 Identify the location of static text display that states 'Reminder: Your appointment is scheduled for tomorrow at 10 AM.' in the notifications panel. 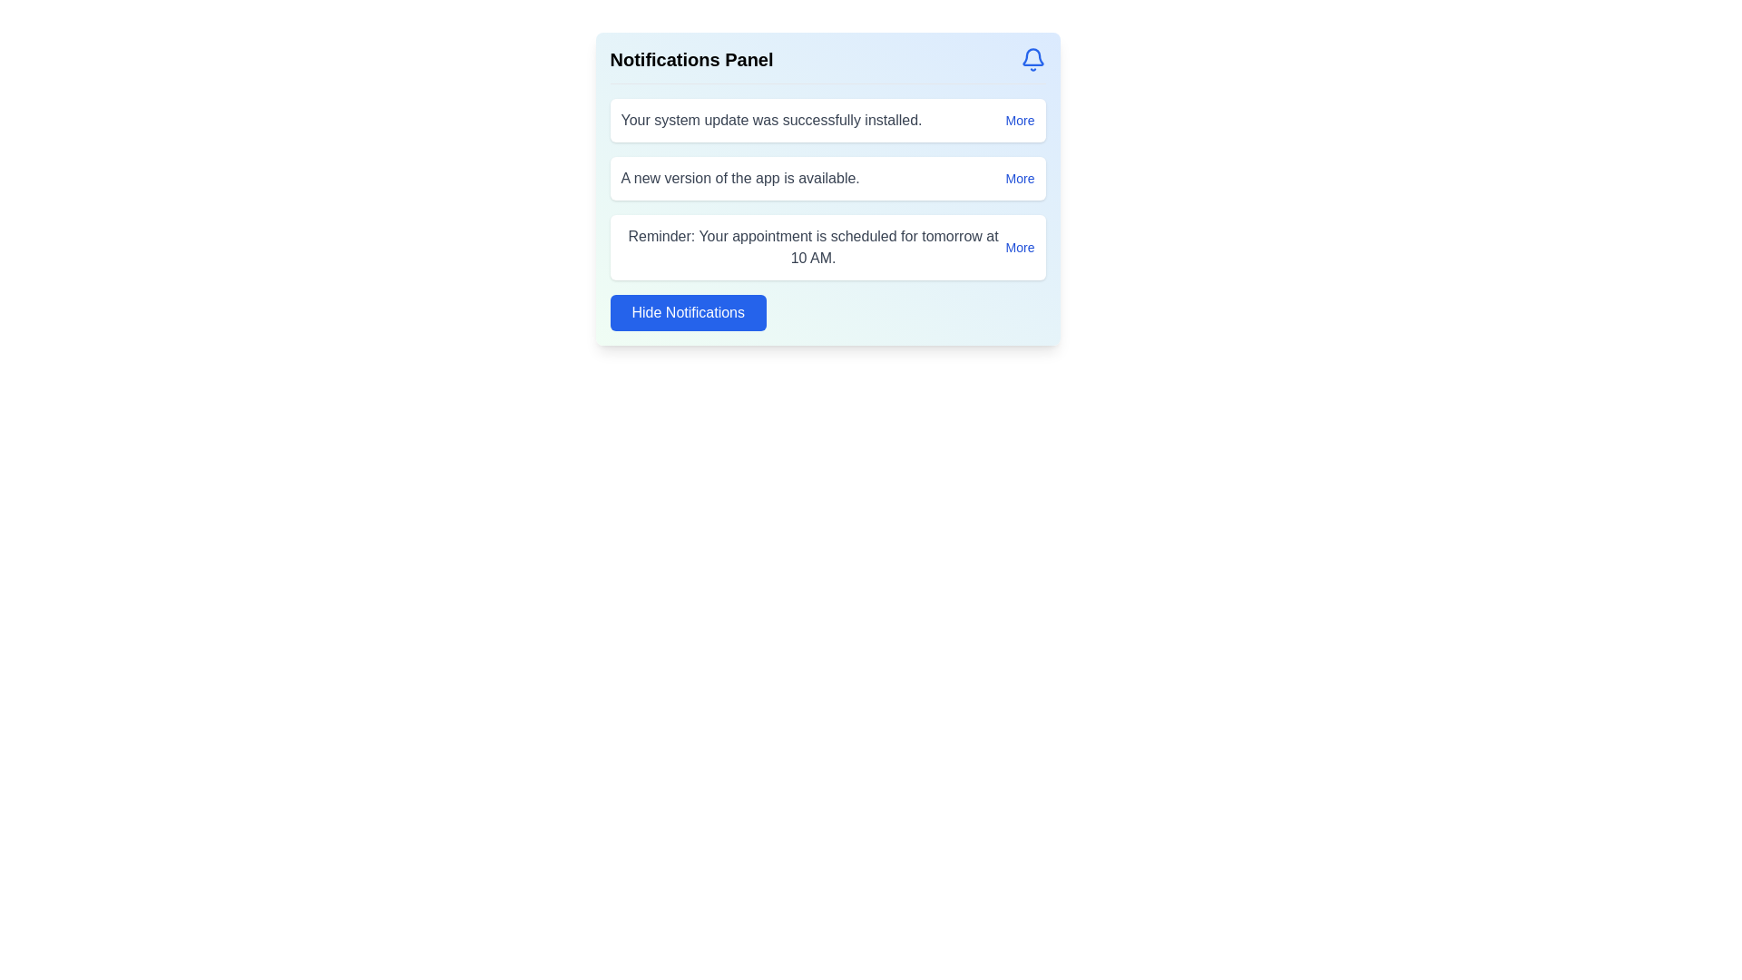
(812, 248).